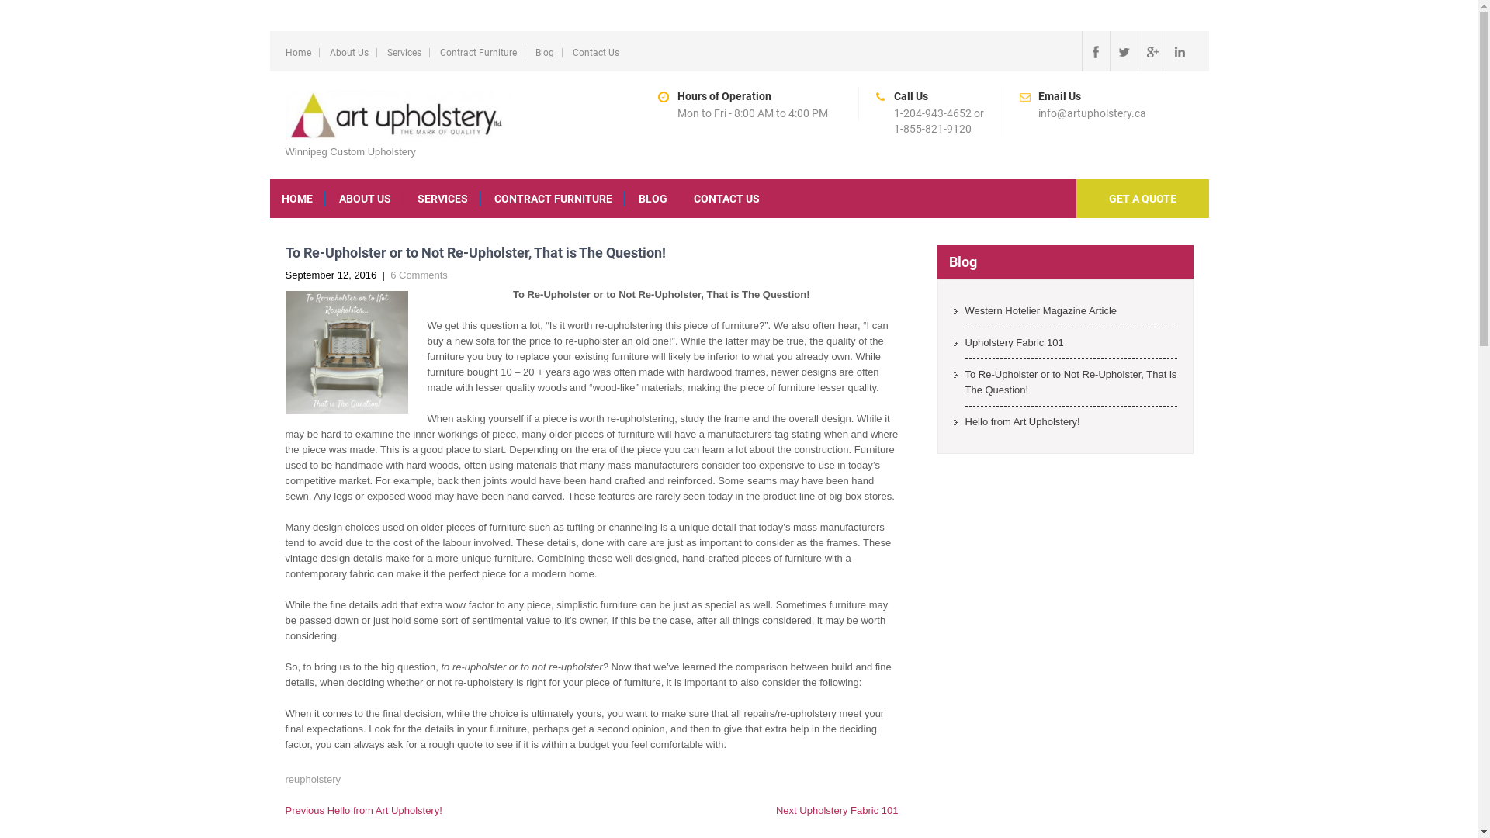  I want to click on 'SERVICES', so click(442, 197).